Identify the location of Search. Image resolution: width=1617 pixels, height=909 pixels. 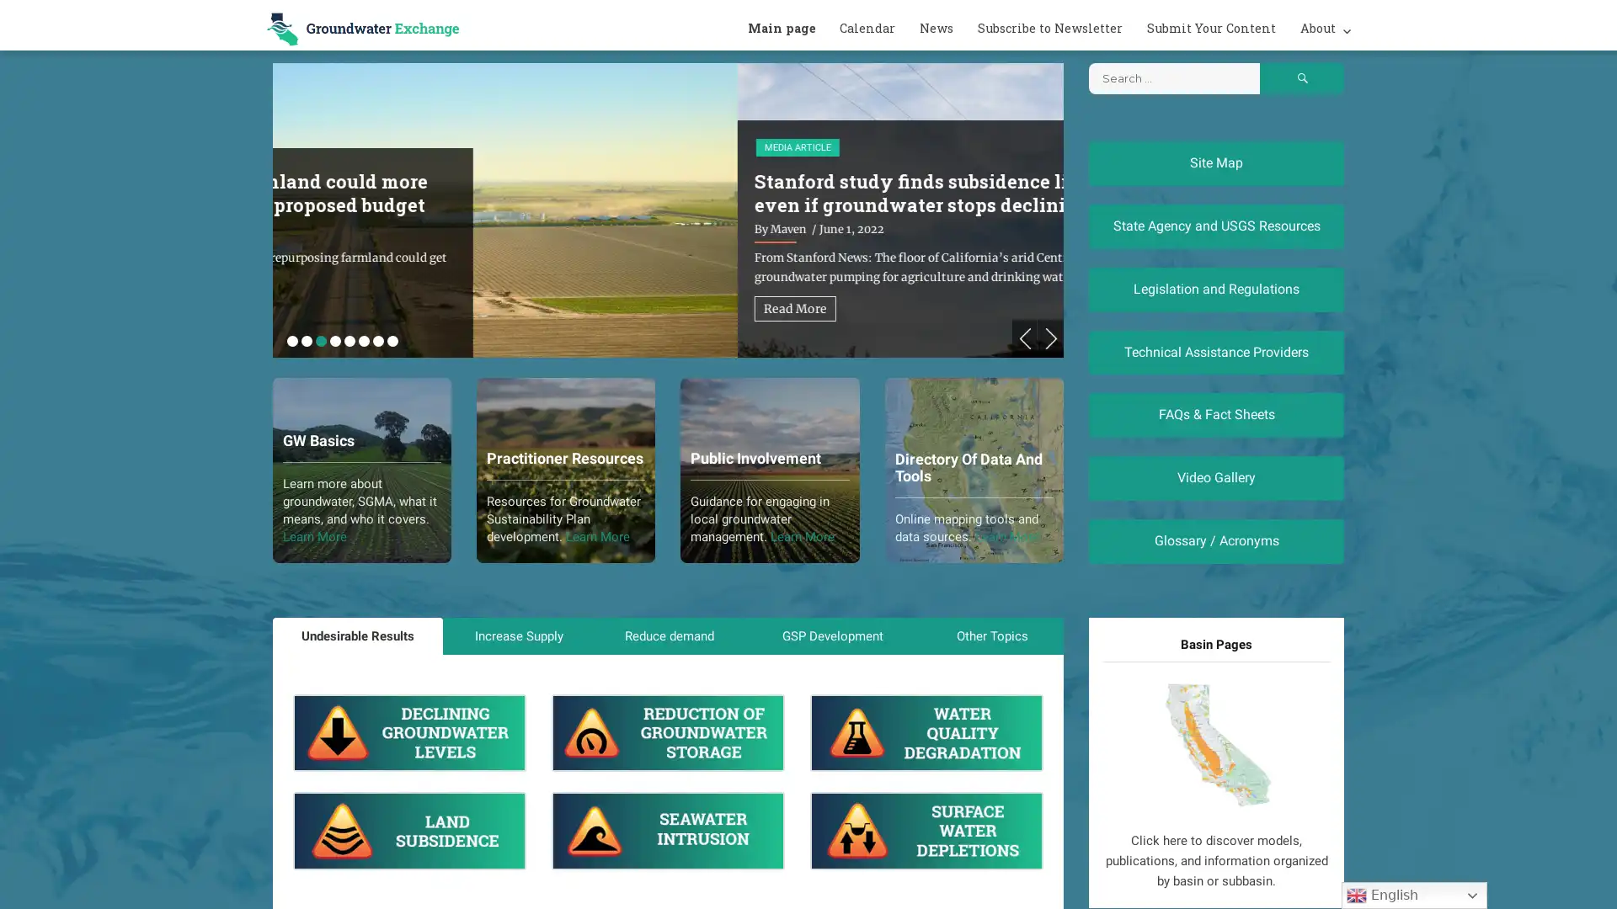
(1300, 78).